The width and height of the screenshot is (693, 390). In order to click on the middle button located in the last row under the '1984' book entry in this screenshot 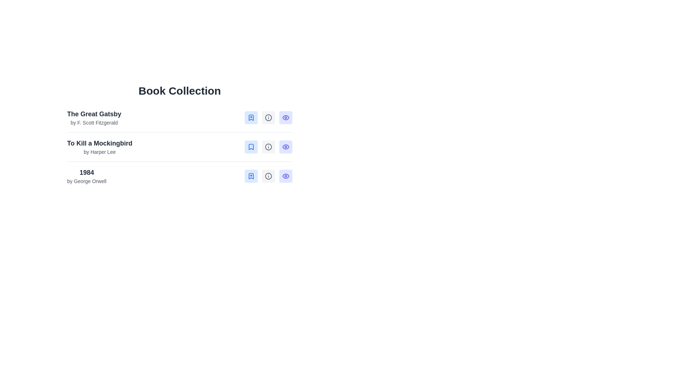, I will do `click(268, 176)`.